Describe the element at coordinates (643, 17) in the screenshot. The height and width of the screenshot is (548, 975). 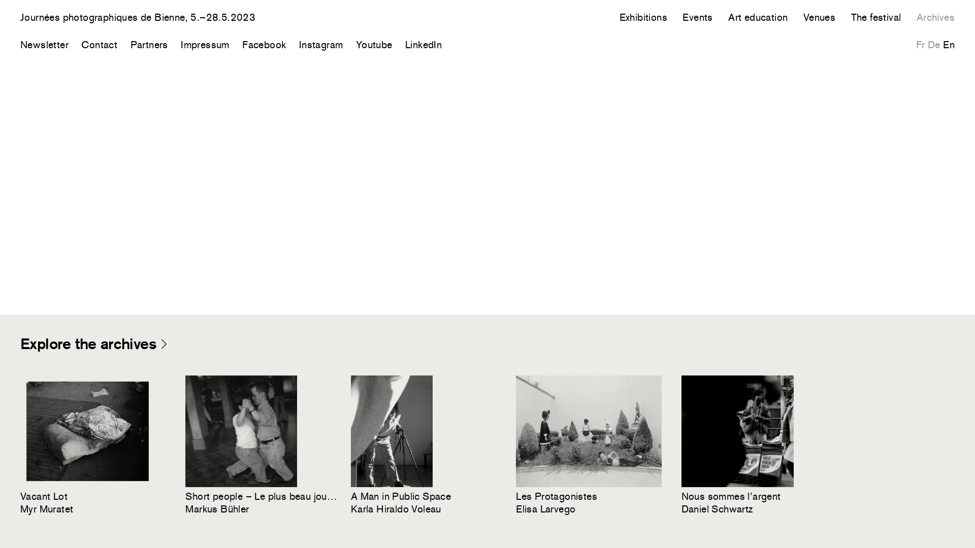
I see `'Exhibitions'` at that location.